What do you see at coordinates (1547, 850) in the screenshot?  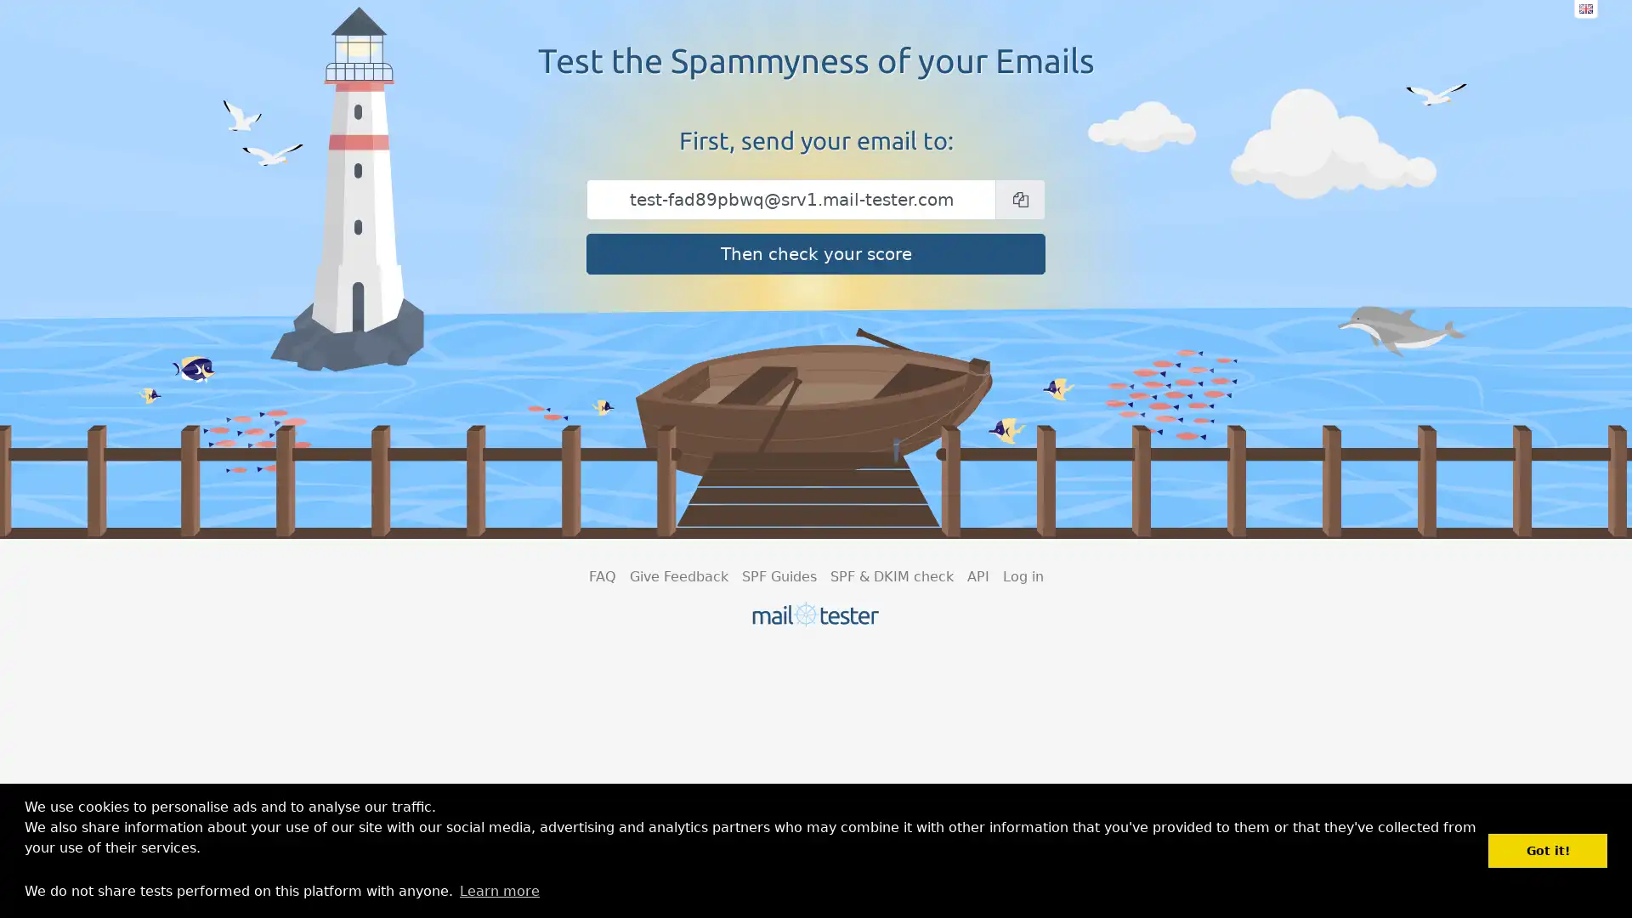 I see `dismiss cookie message` at bounding box center [1547, 850].